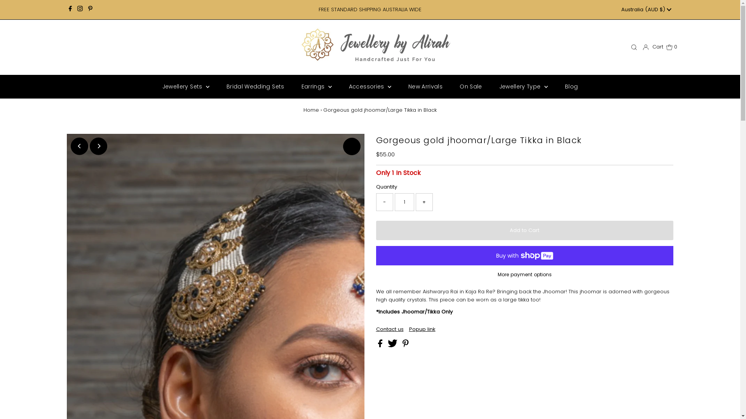  Describe the element at coordinates (376, 201) in the screenshot. I see `'-'` at that location.